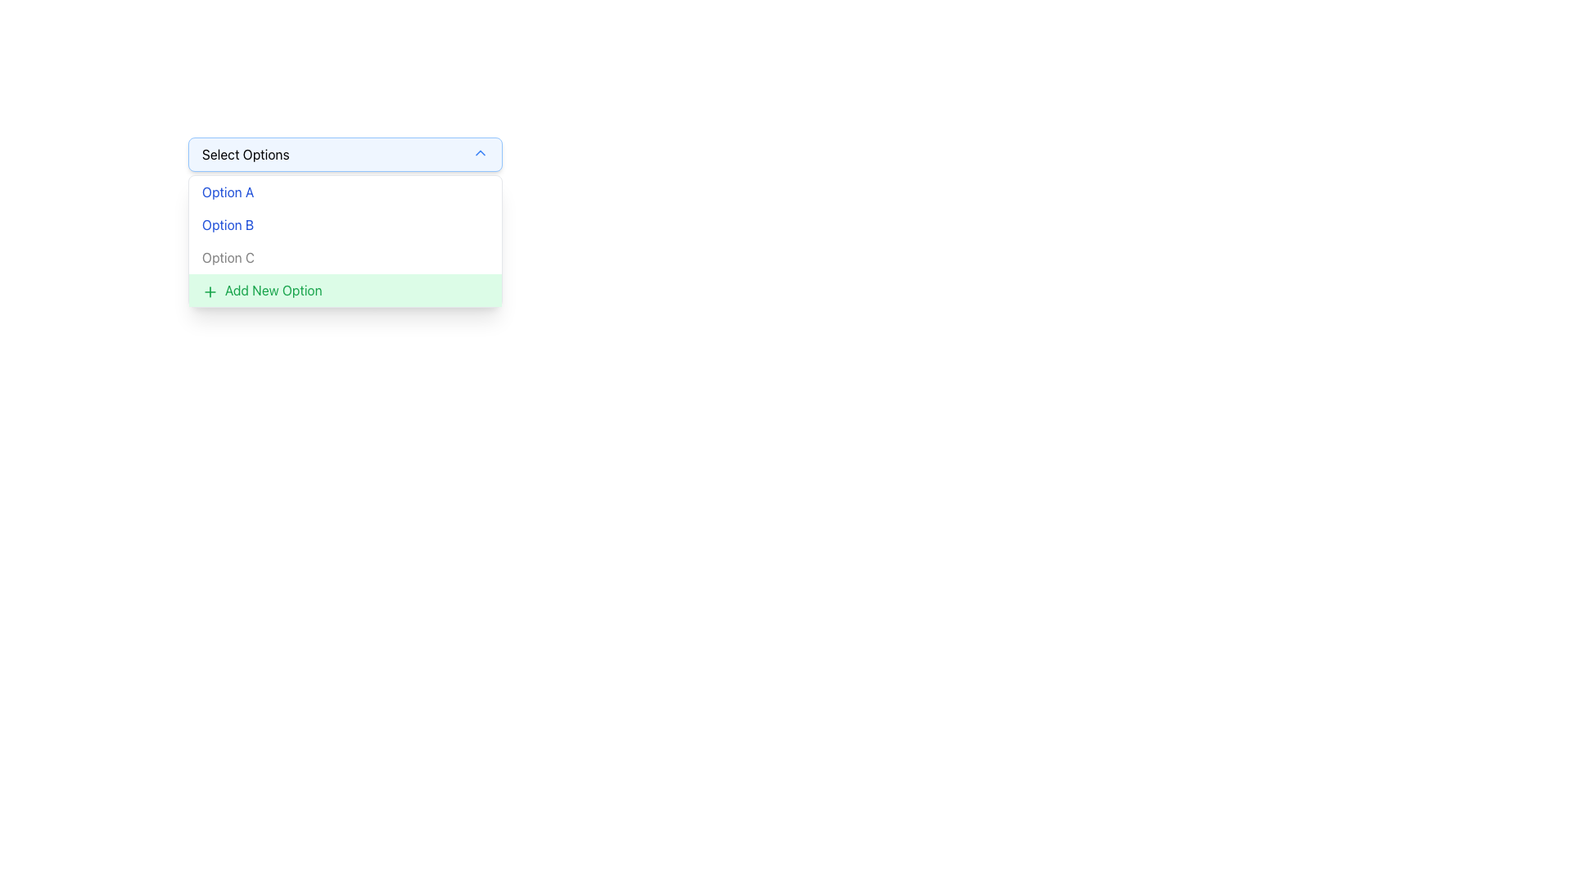 This screenshot has width=1572, height=884. I want to click on the dropdown menu option labeled 'Option B' by clicking on it, so click(345, 224).